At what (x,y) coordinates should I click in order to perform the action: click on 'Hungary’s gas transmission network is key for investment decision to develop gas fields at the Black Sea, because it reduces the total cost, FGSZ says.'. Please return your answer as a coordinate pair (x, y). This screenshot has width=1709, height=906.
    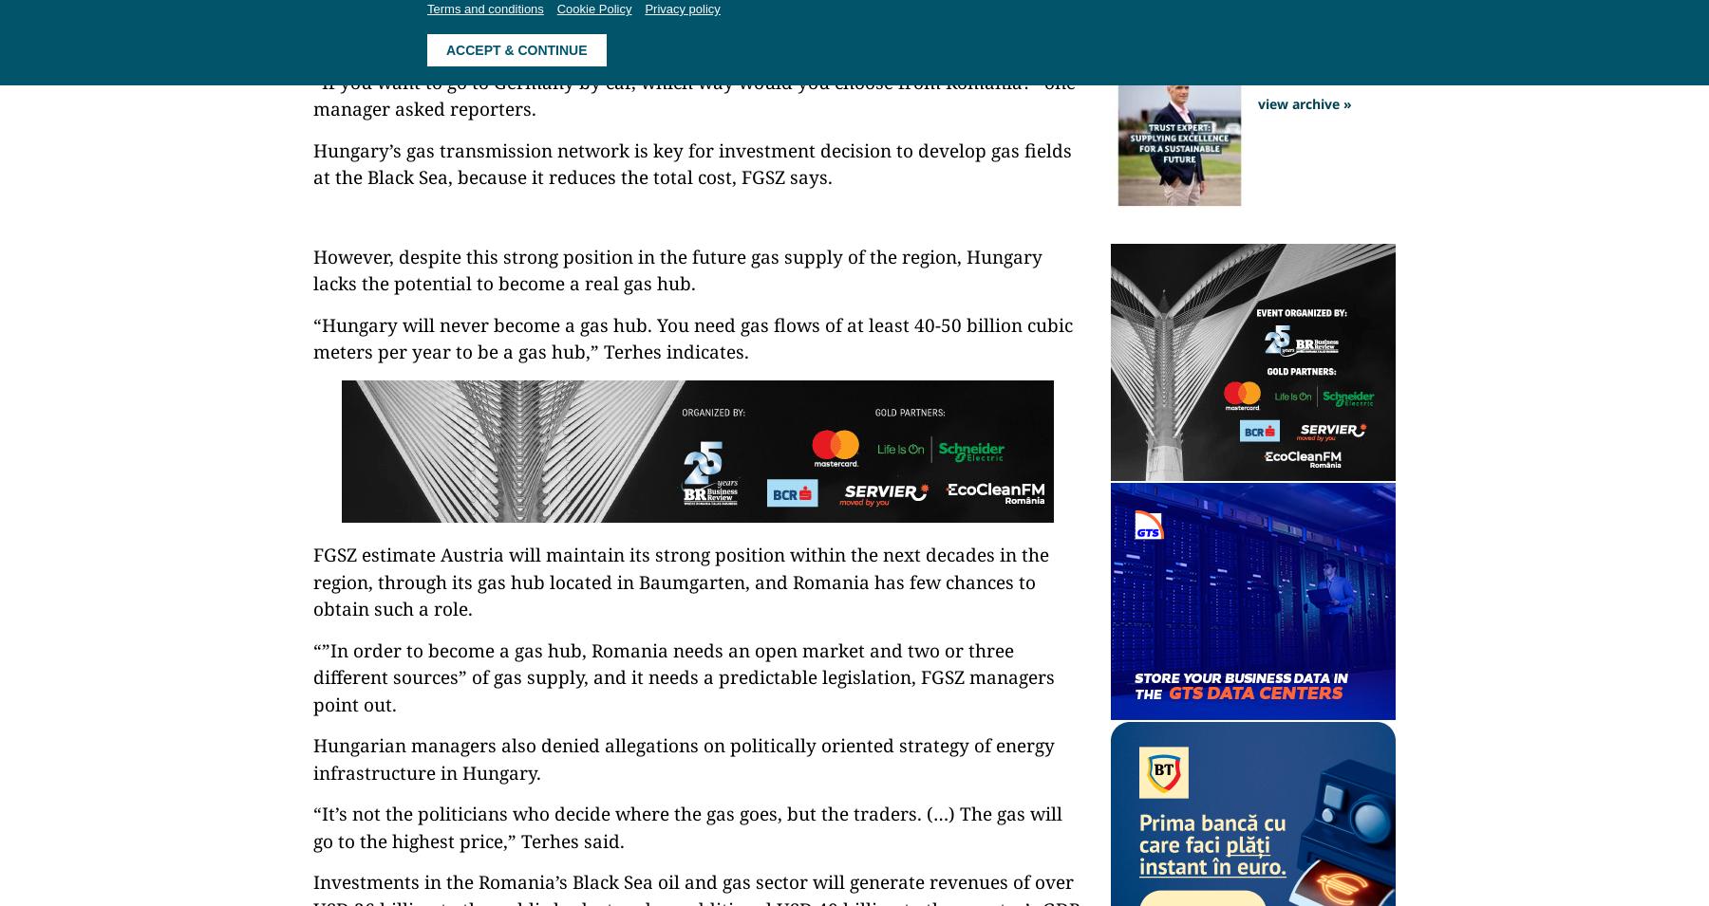
    Looking at the image, I should click on (311, 163).